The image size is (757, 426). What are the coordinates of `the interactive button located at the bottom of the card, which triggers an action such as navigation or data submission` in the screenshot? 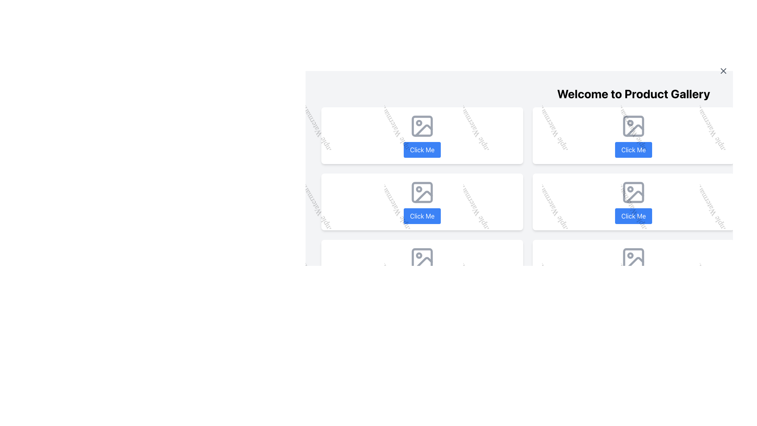 It's located at (421, 150).